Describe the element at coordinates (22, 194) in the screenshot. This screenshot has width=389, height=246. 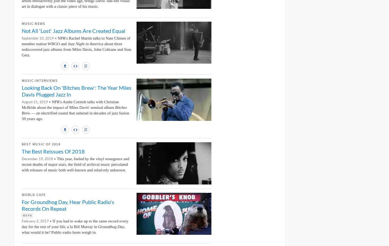
I see `'World Cafe'` at that location.